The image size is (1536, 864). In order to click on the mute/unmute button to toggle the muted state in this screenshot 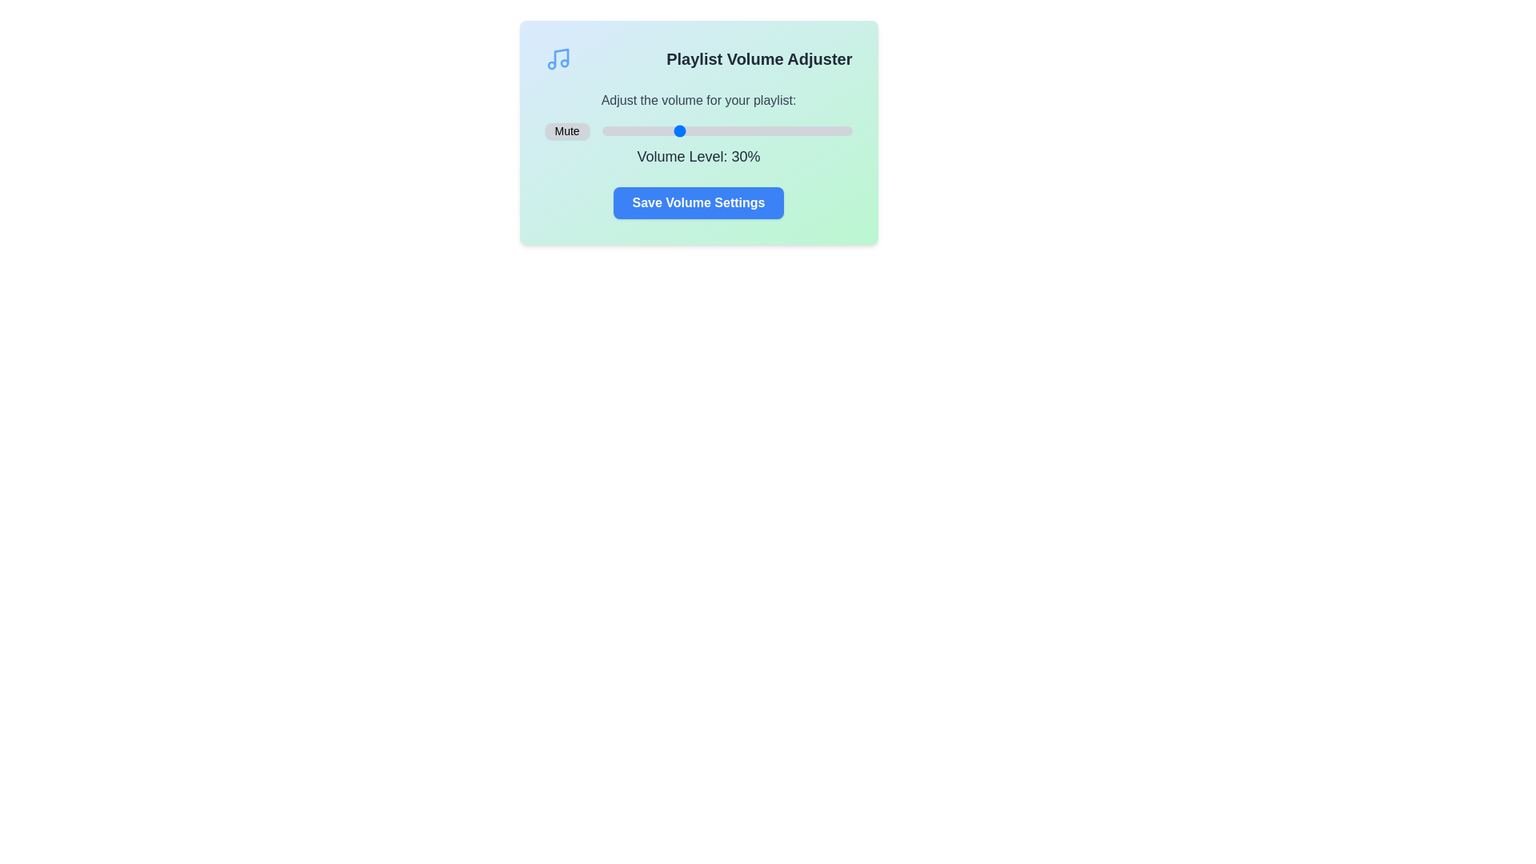, I will do `click(567, 130)`.